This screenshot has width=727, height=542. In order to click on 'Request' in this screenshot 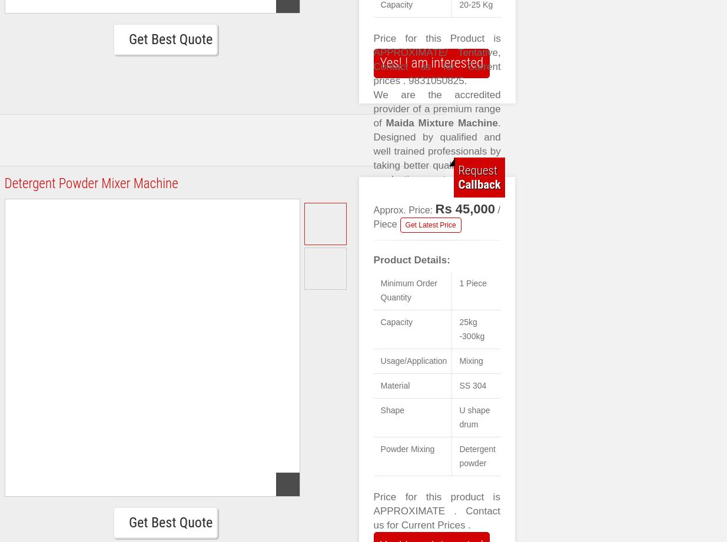, I will do `click(477, 169)`.